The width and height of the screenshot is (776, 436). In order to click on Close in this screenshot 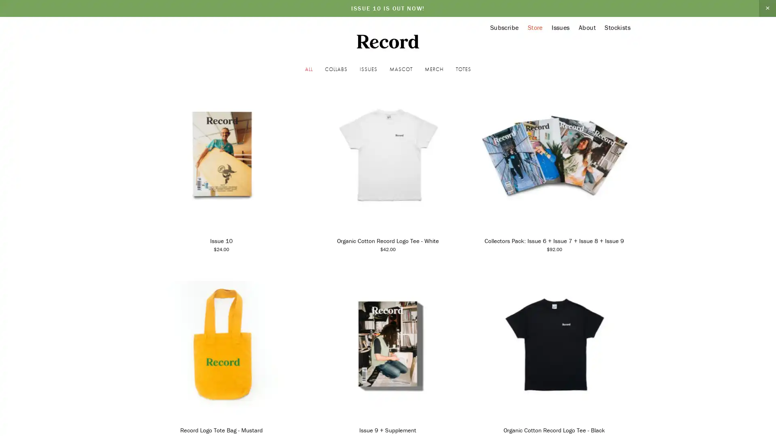, I will do `click(766, 363)`.